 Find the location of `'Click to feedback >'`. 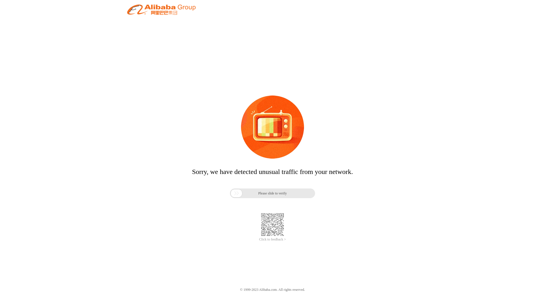

'Click to feedback >' is located at coordinates (272, 239).